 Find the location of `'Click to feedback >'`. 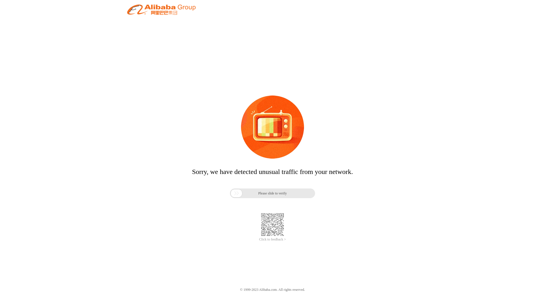

'Click to feedback >' is located at coordinates (272, 239).